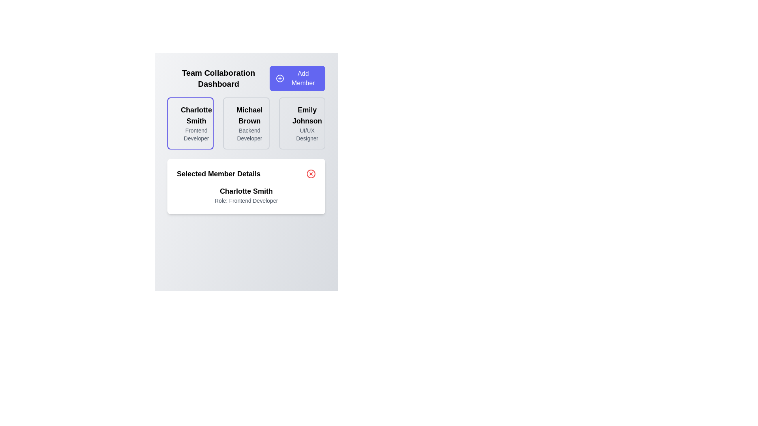 Image resolution: width=758 pixels, height=426 pixels. I want to click on the 'Add Member' button located in the top right corner of the interface, which contains the icon for adding a new member, so click(280, 78).